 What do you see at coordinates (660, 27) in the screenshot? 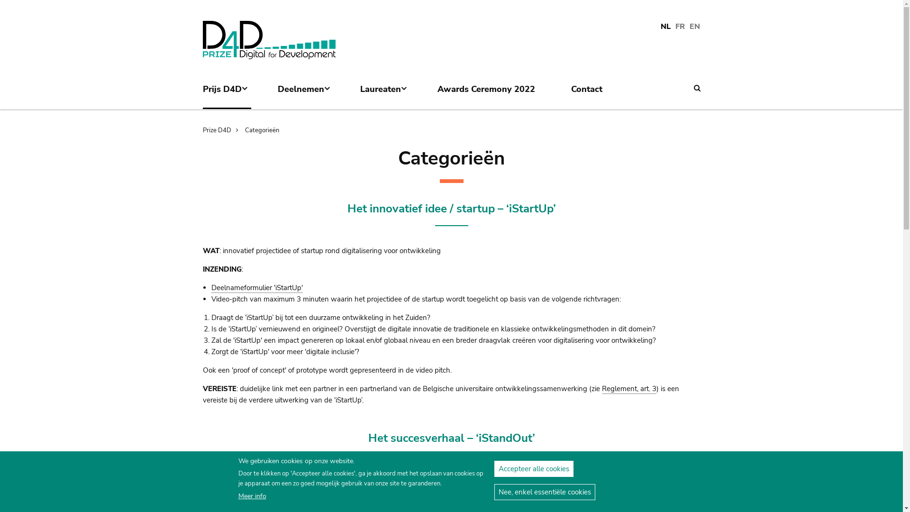
I see `'NL'` at bounding box center [660, 27].